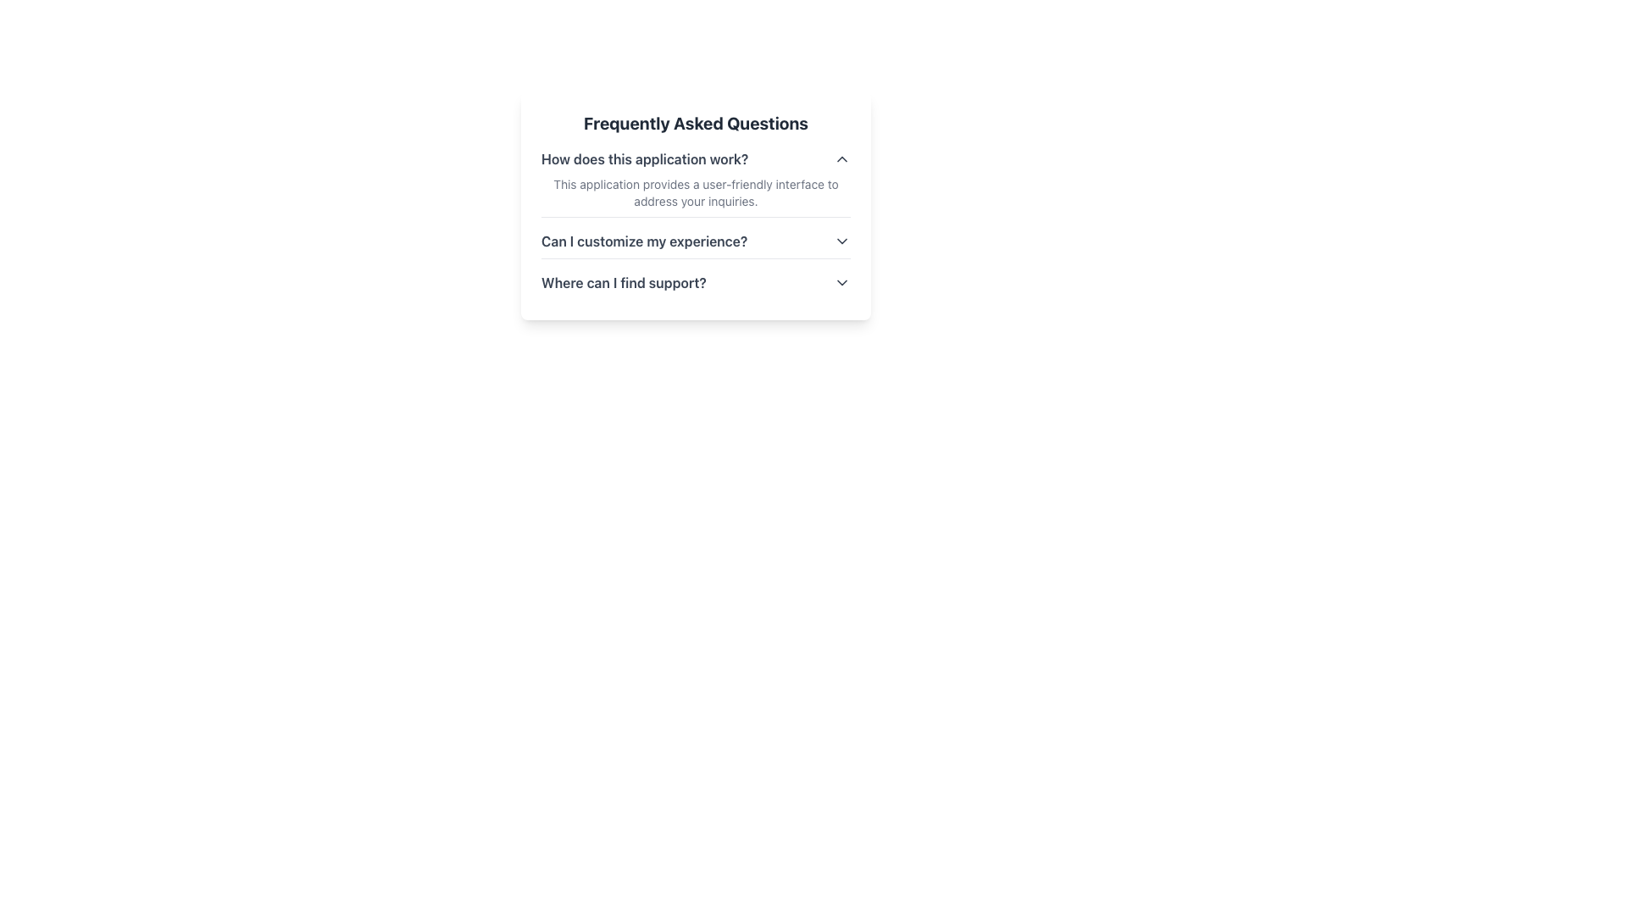  What do you see at coordinates (643, 241) in the screenshot?
I see `the text label that says 'Can I customize my experience?'` at bounding box center [643, 241].